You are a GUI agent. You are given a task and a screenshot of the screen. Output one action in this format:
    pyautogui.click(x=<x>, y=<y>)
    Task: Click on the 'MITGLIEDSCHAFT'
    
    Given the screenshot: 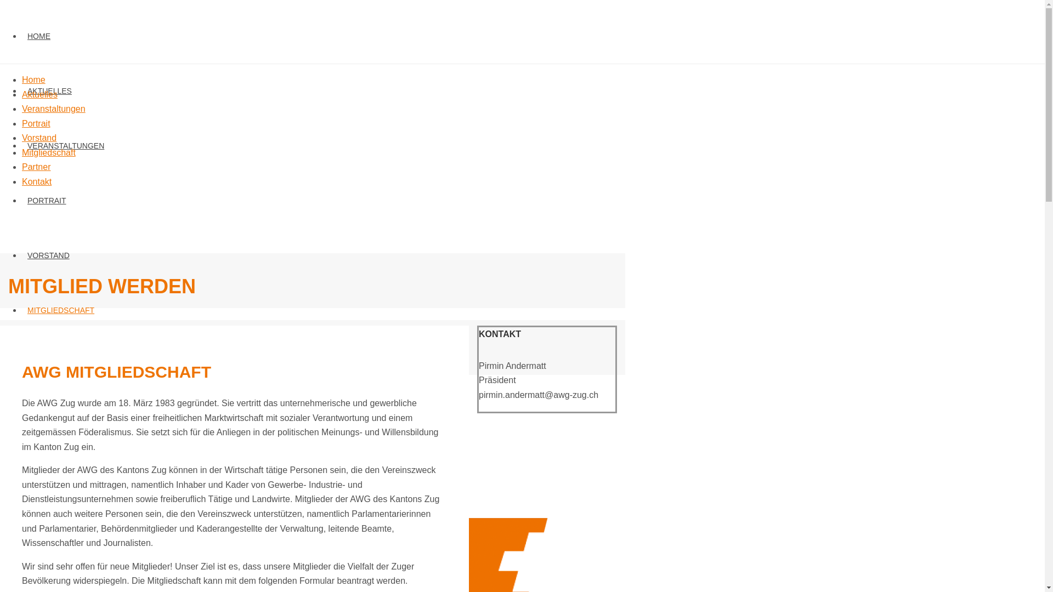 What is the action you would take?
    pyautogui.click(x=60, y=310)
    